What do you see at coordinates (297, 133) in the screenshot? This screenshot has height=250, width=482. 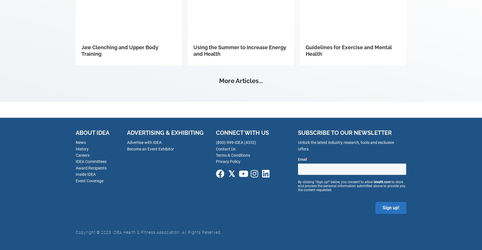 I see `'Subscribe to our newsletter'` at bounding box center [297, 133].